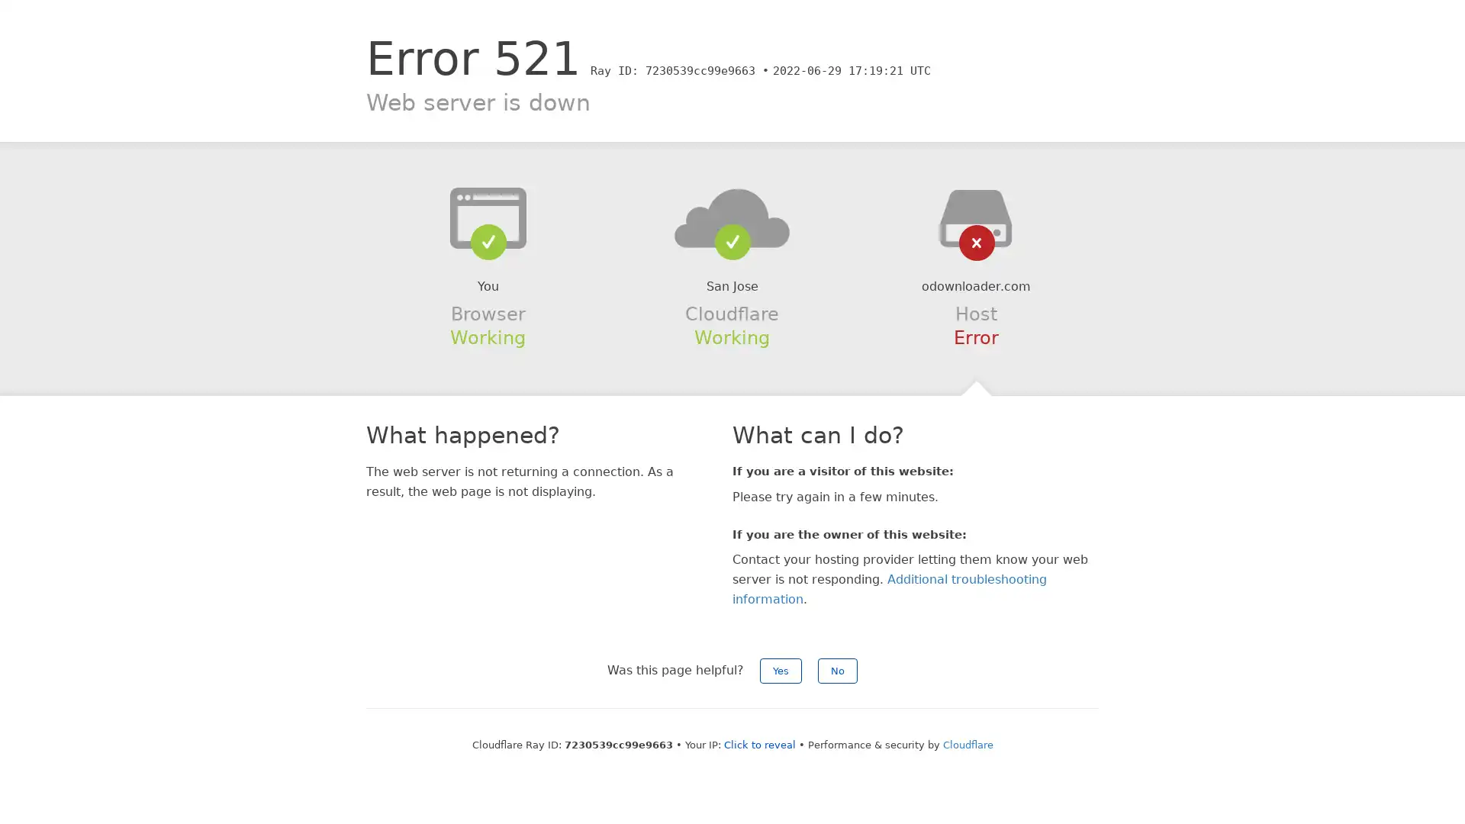 The width and height of the screenshot is (1465, 824). What do you see at coordinates (758, 744) in the screenshot?
I see `Click to reveal` at bounding box center [758, 744].